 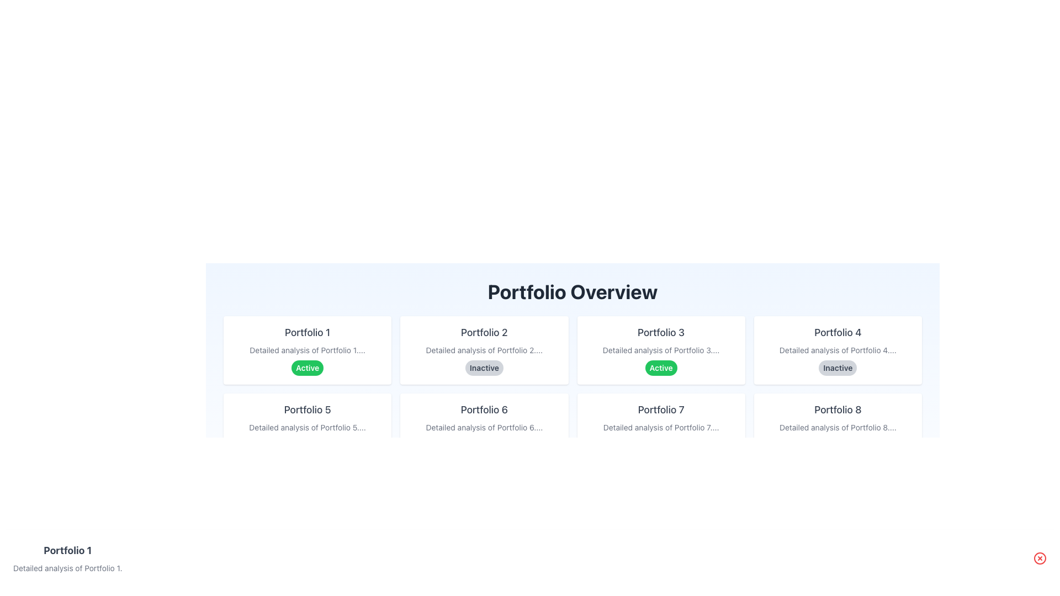 I want to click on the title text element located in the second row, first column of the card that summarizes the portfolio content, so click(x=308, y=410).